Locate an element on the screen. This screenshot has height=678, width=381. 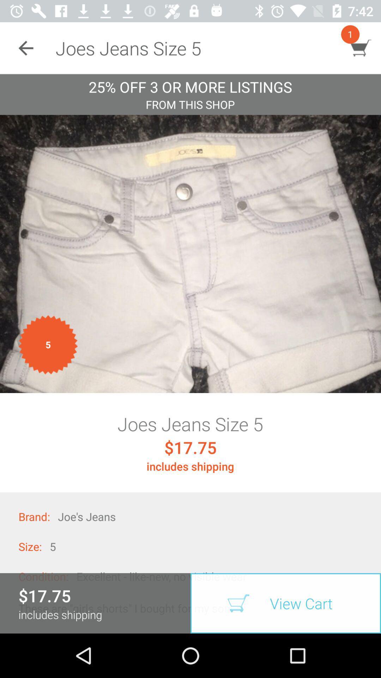
subject image is located at coordinates (190, 254).